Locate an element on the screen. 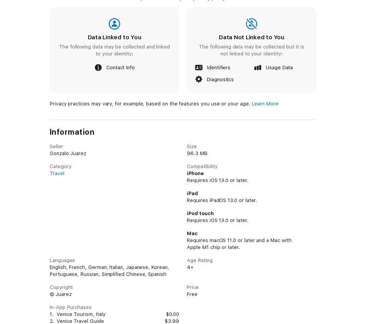  'Data Linked to You' is located at coordinates (114, 37).